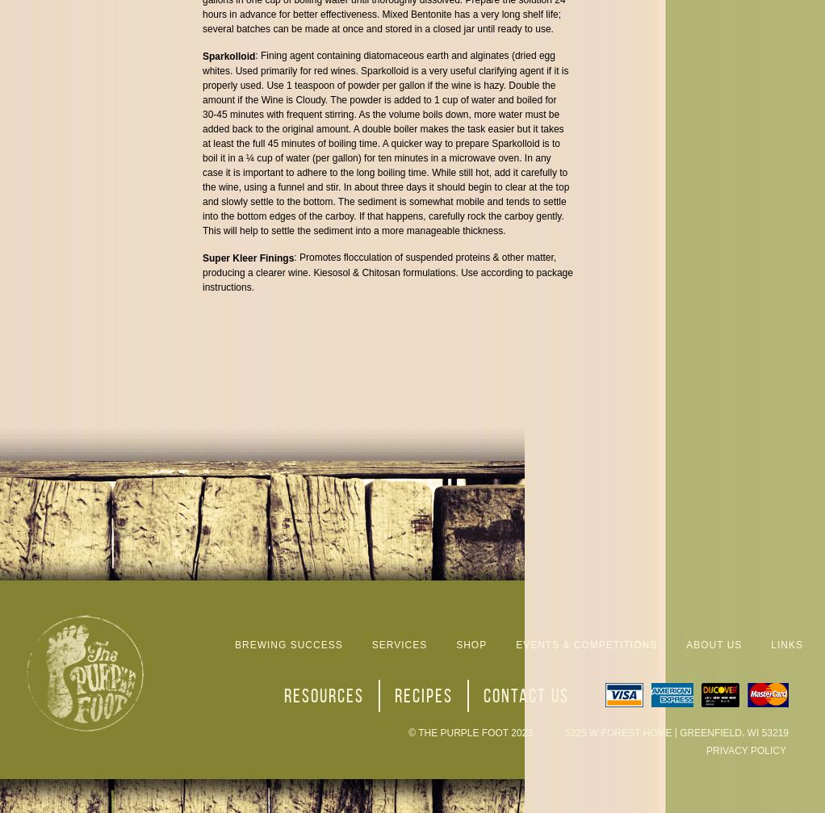 The height and width of the screenshot is (813, 825). I want to click on ': Fining agent containing diatomaceous earth and alginates (dried egg whites. Used primarily for red wines. Sparkolloid is a very useful clarifying agent if it is properly used. Use 1 teaspoon of powder per gallon if the wine is hazy. Double the amount if the Wine is Cloudy. The powder is added to 1 cup of water and boiled for 30-45 minutes with frequent stirring. As the volume boils down, more water must be added back to the original amount. A double boiler makes the task easier but it takes at least the full 45 minutes of boiling time. A quicker way to prepare Sparkolloid is to boil it in a ¼ cup of water (per gallon) for ten minutes in a microwave oven. In any case it is important to adhere to the long boiling time. While still hot, add it carefully to the wine, using a funnel and stir. In about three days it should begin to clear at the top and slowly settle to the bottom. The sediment is somewhat mobile and tends to settle into the bottom edges of the carboy. If that happens, carefully rock the carboy gently. This will help to settle the sediment into a more manageable thickness.', so click(385, 143).